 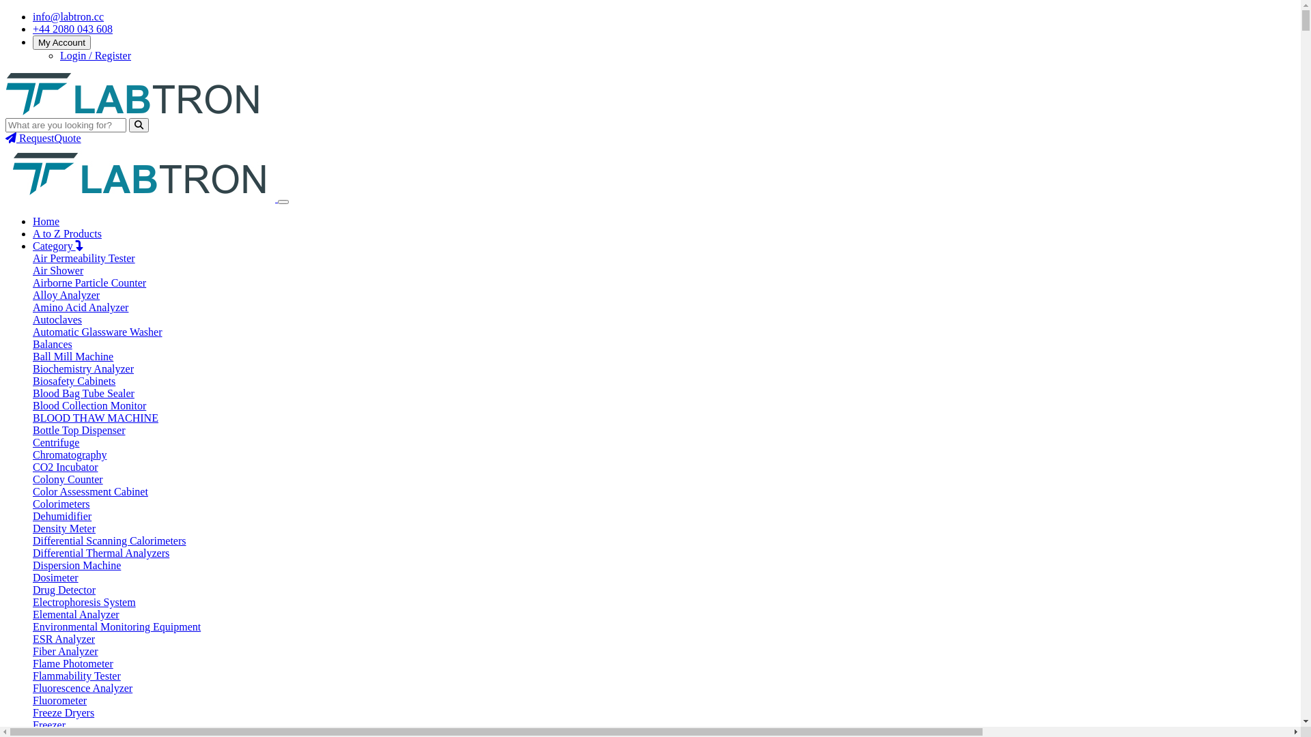 I want to click on 'Alloy Analyzer', so click(x=33, y=294).